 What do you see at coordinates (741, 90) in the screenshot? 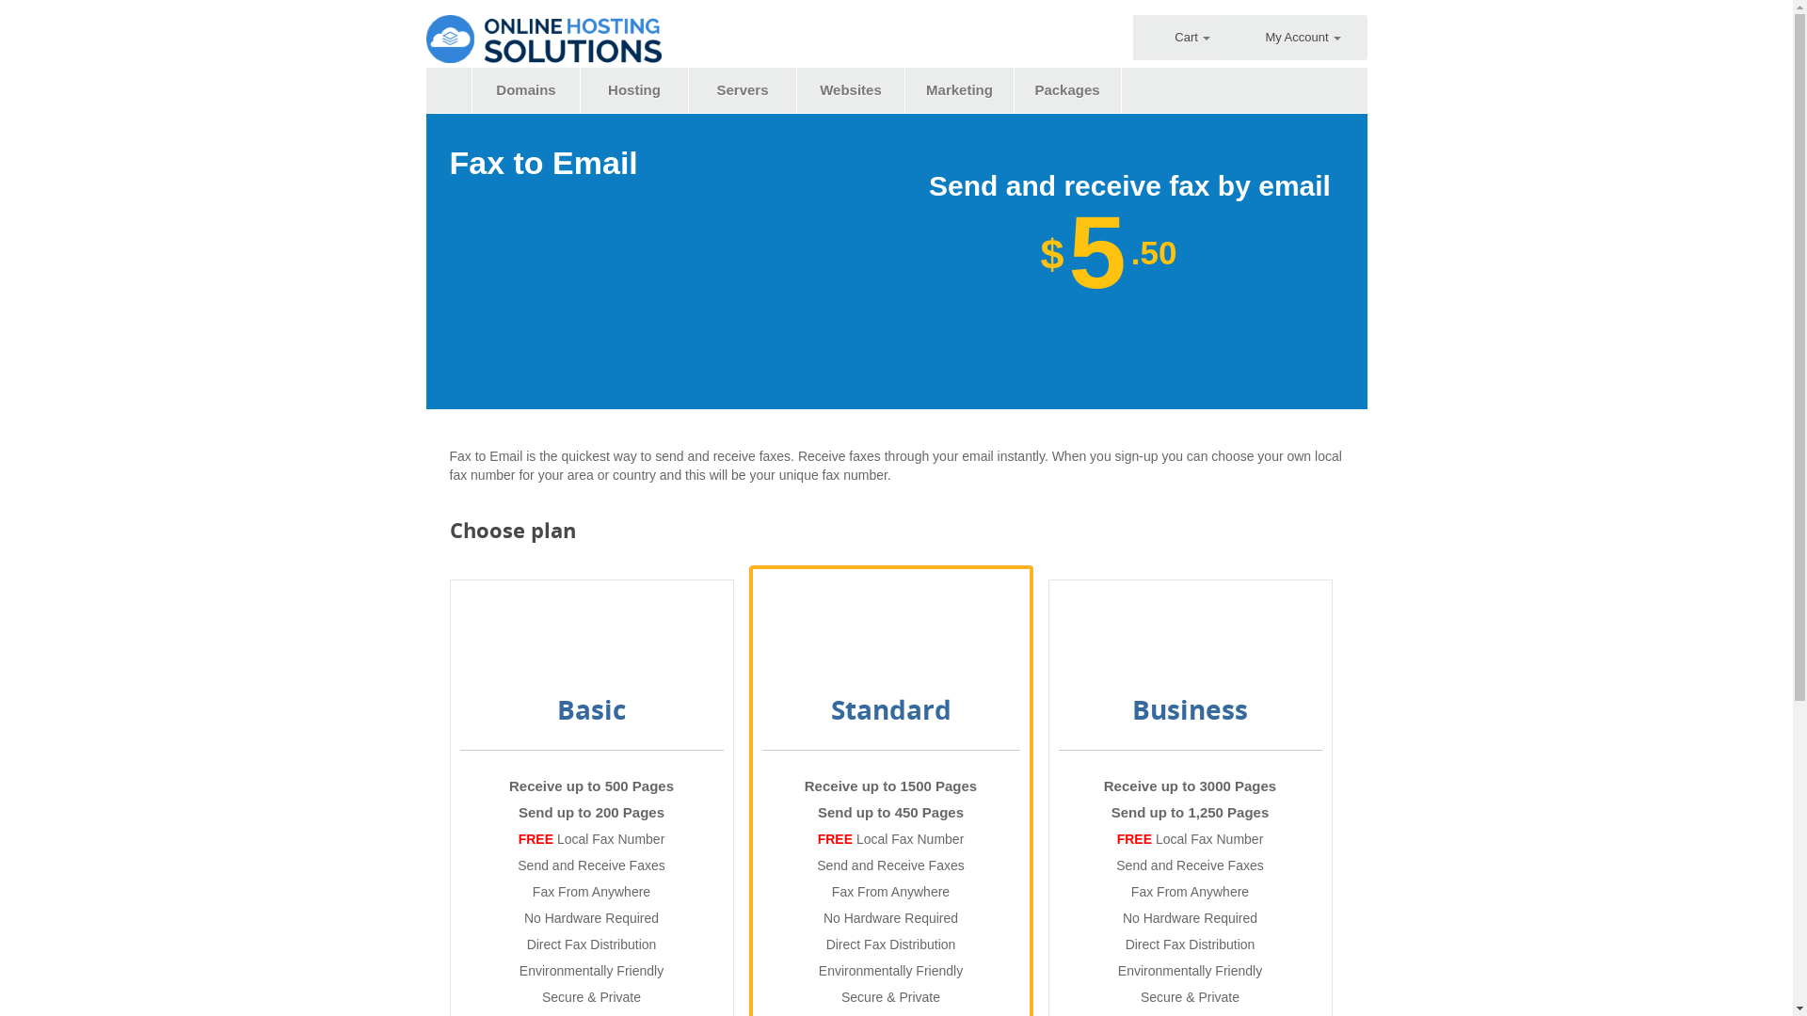
I see `'Servers'` at bounding box center [741, 90].